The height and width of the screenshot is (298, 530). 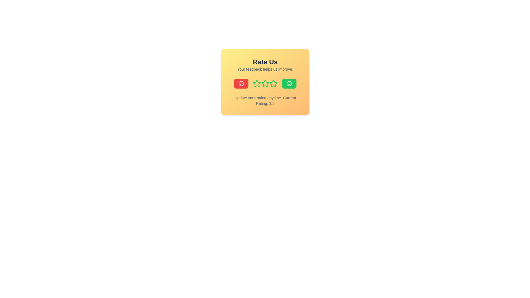 What do you see at coordinates (289, 84) in the screenshot?
I see `the positive feedback rating icon located below the text 'Your feedback helps us improve.' in the center of the user interface to provide feedback` at bounding box center [289, 84].